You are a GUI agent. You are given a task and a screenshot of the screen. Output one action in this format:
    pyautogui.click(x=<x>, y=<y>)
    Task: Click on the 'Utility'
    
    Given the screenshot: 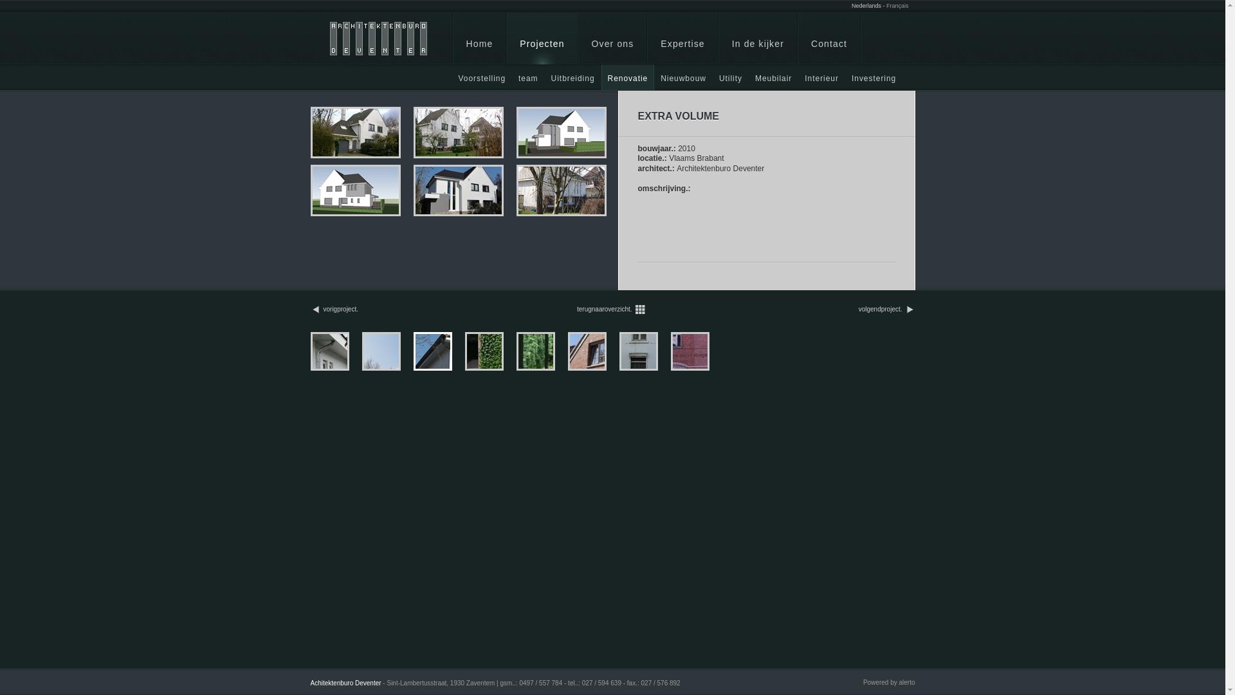 What is the action you would take?
    pyautogui.click(x=731, y=77)
    